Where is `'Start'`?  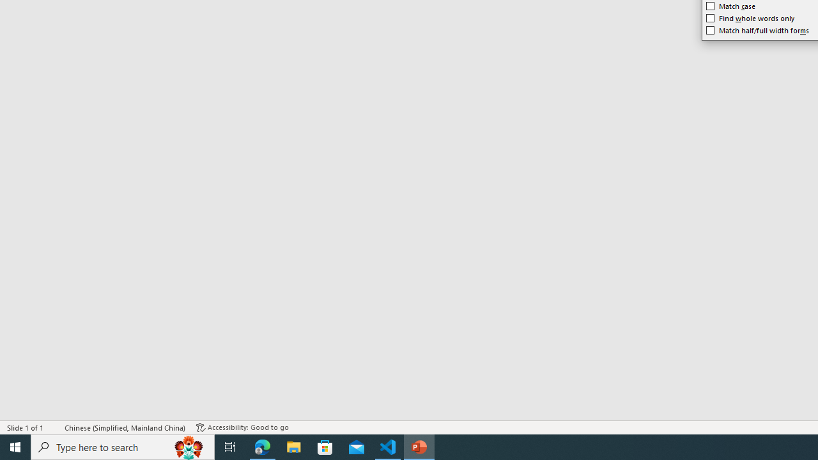
'Start' is located at coordinates (15, 446).